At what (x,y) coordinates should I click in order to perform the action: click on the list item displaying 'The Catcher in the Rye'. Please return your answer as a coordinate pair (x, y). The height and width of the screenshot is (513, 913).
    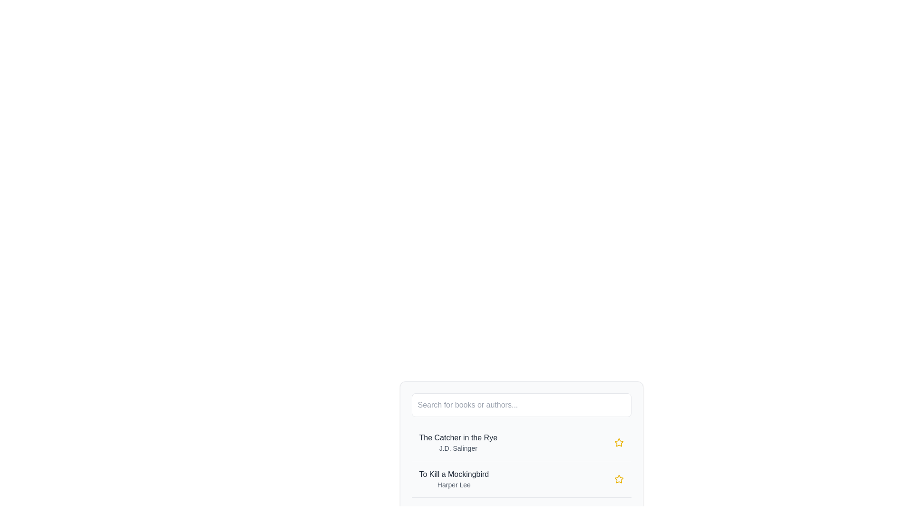
    Looking at the image, I should click on (521, 428).